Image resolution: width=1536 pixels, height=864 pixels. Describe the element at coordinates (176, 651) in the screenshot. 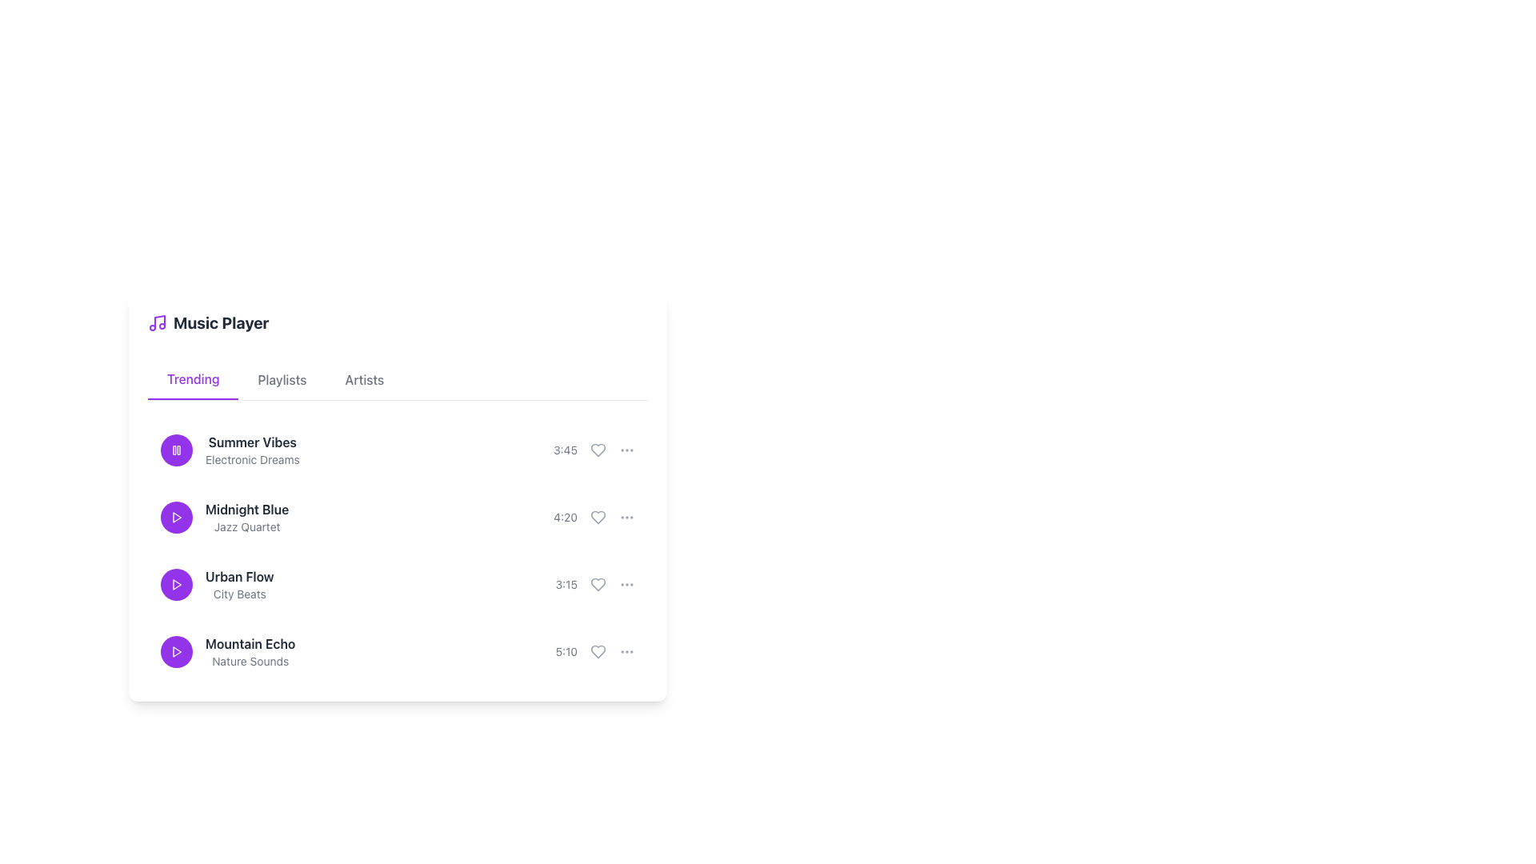

I see `the button located to the left of the text 'Mountain Echo'` at that location.